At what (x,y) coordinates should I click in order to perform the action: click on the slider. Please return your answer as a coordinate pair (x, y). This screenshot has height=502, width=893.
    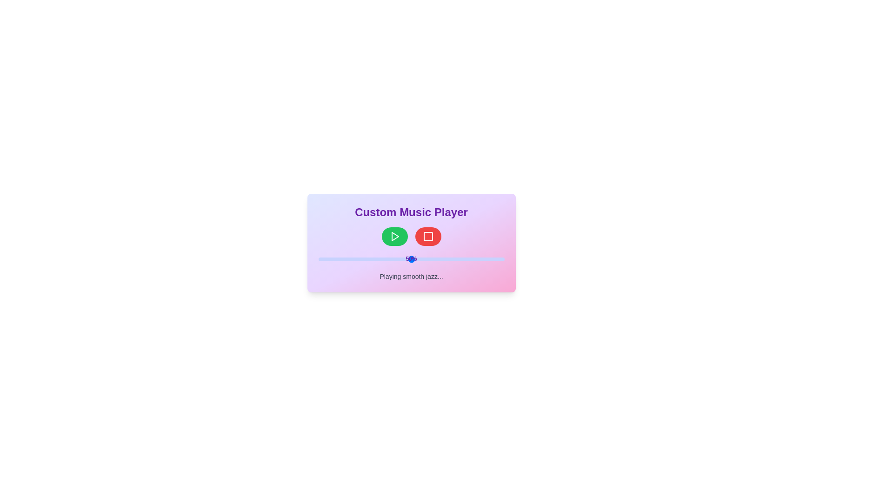
    Looking at the image, I should click on (433, 259).